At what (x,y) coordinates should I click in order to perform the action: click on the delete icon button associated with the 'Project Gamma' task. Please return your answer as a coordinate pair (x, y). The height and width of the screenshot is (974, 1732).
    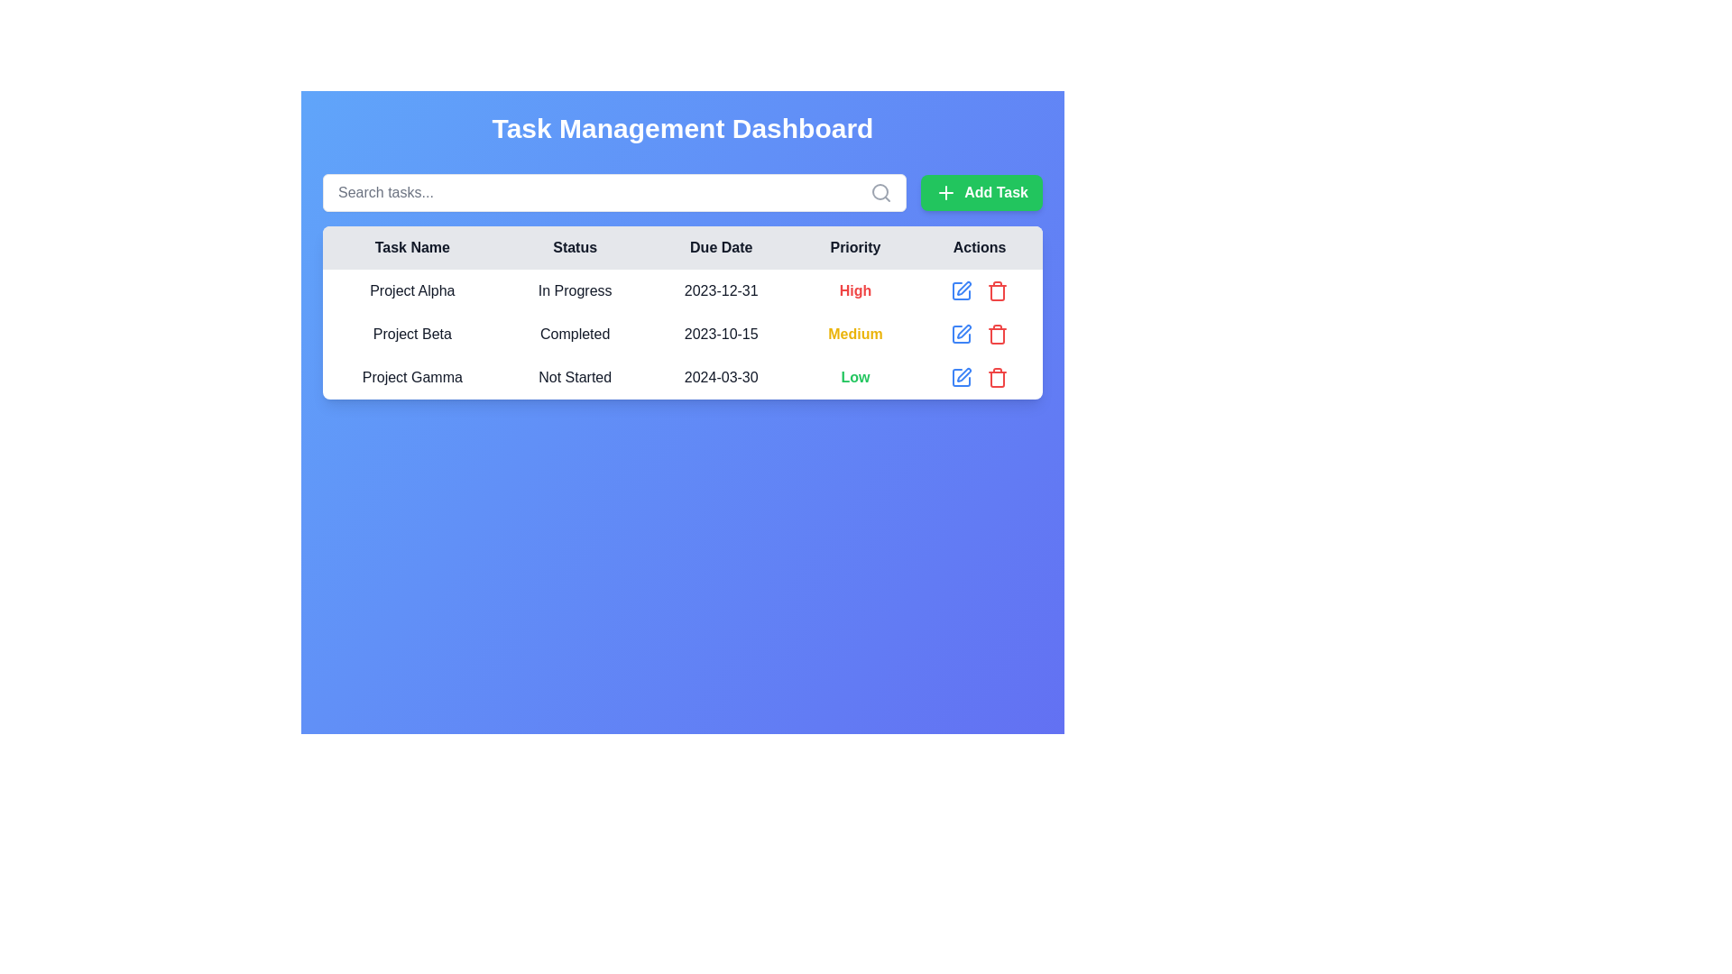
    Looking at the image, I should click on (997, 377).